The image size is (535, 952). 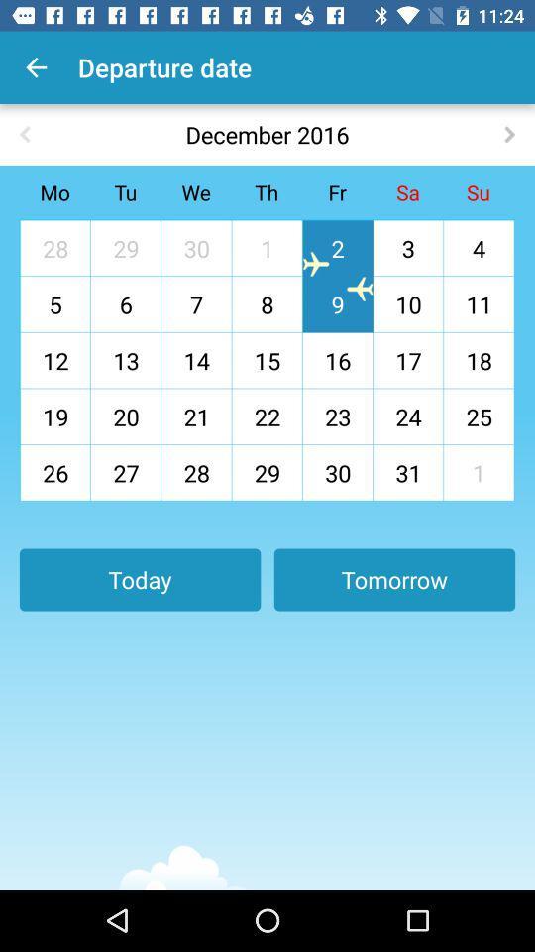 I want to click on the arrow_forward icon, so click(x=509, y=133).